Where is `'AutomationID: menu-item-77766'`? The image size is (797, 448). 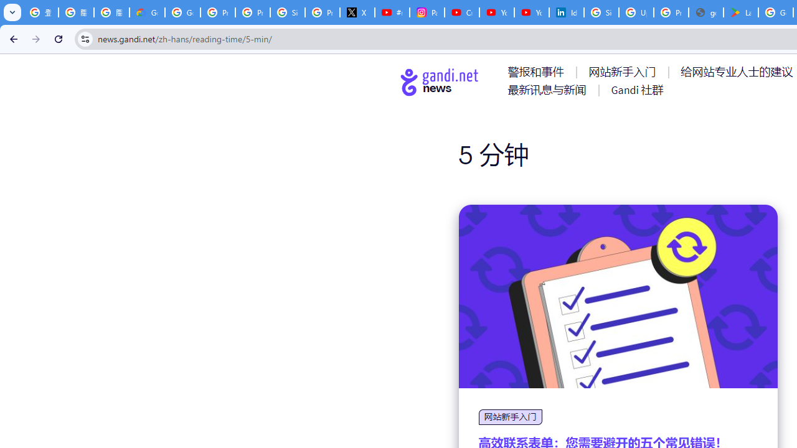 'AutomationID: menu-item-77766' is located at coordinates (549, 89).